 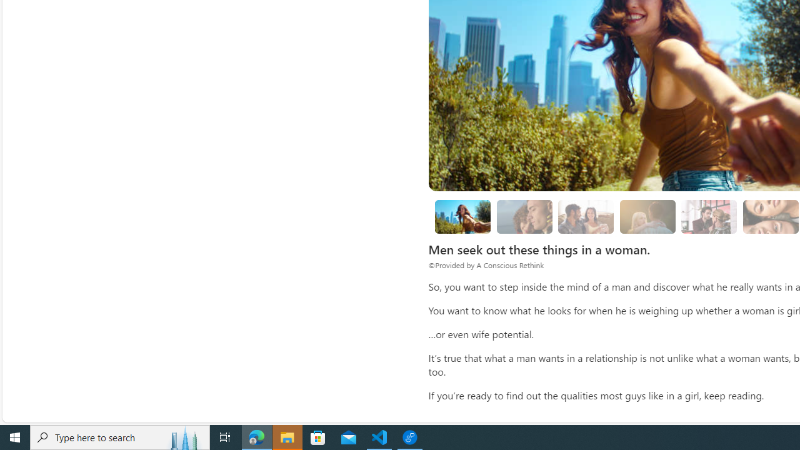 I want to click on '1. She is compassionate.', so click(x=524, y=216).